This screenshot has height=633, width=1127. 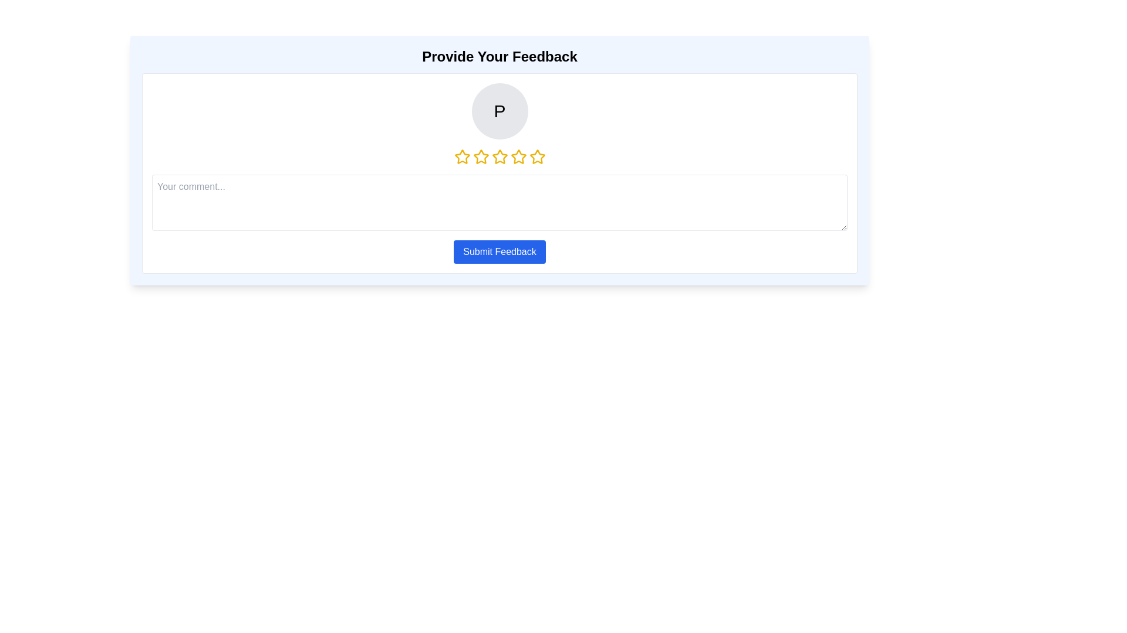 What do you see at coordinates (500, 202) in the screenshot?
I see `the comment box and type the text 'This is a test comment.'` at bounding box center [500, 202].